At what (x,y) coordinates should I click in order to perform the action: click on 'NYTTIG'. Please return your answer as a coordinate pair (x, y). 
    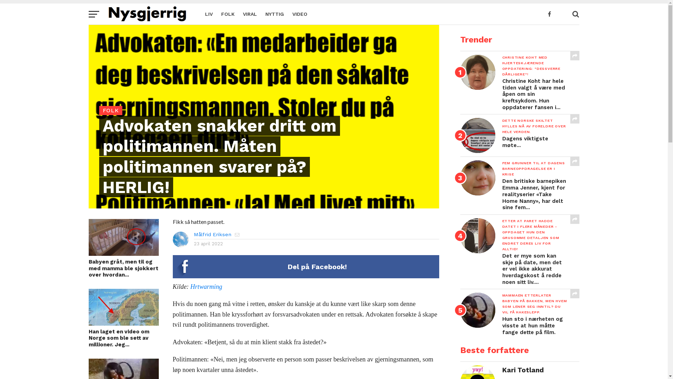
    Looking at the image, I should click on (274, 14).